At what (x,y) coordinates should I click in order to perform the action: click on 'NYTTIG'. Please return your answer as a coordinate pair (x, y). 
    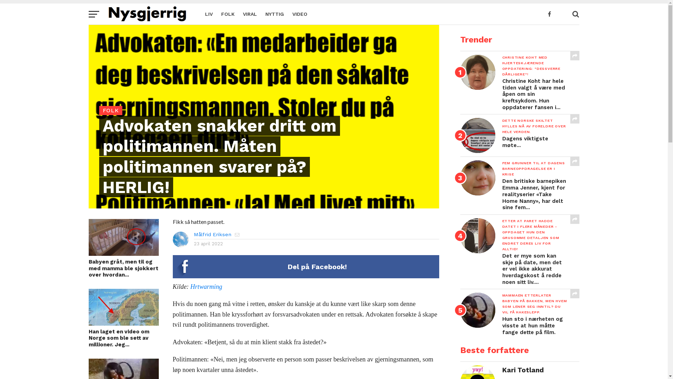
    Looking at the image, I should click on (274, 14).